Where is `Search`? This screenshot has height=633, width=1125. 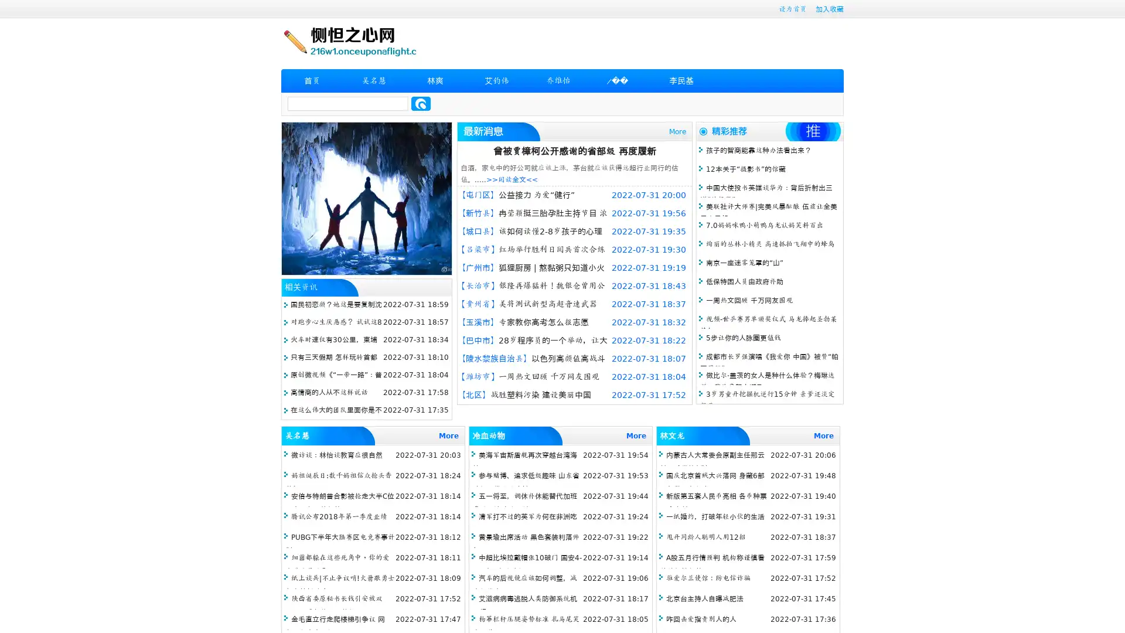
Search is located at coordinates (421, 103).